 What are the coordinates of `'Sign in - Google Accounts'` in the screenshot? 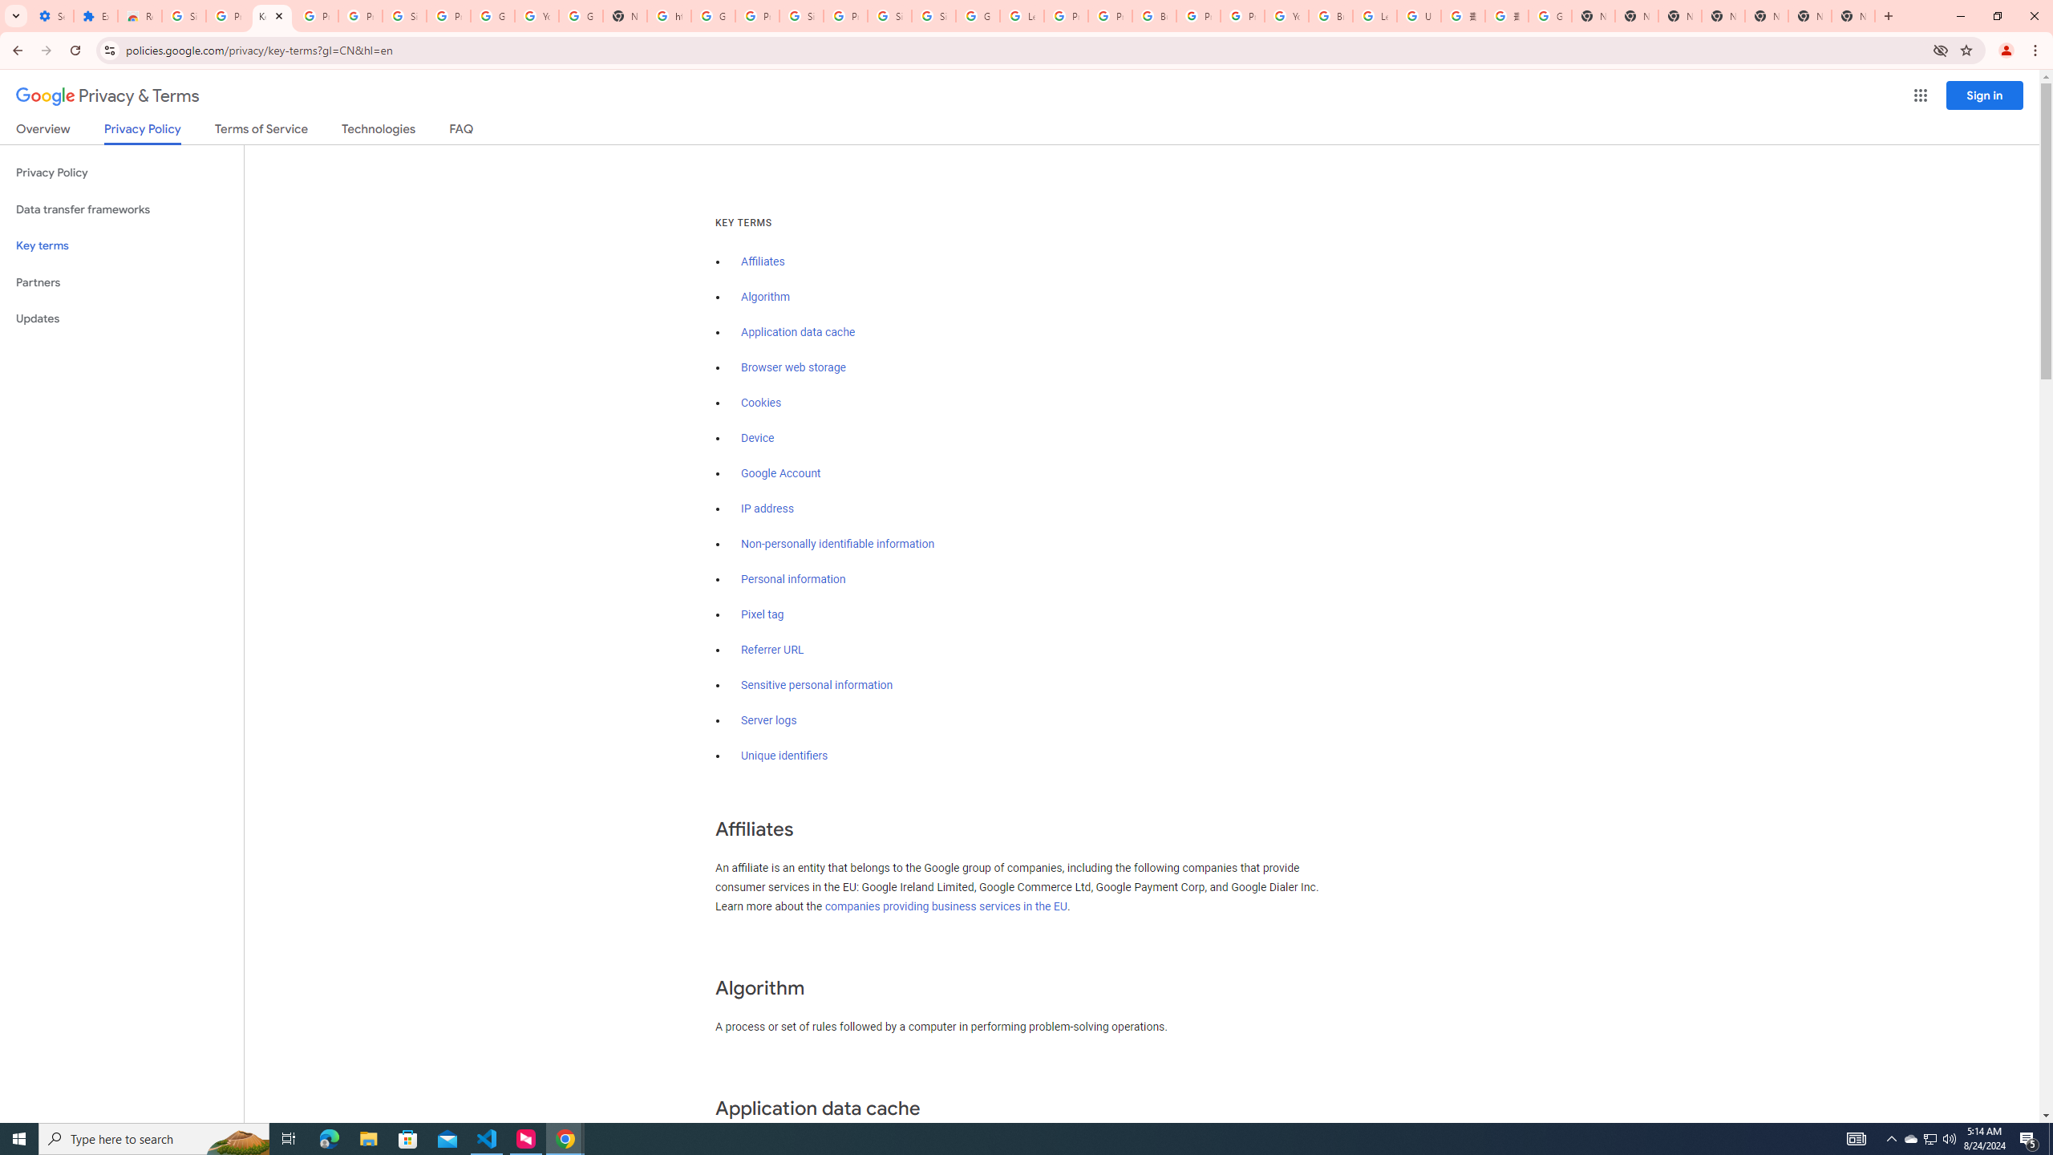 It's located at (933, 15).